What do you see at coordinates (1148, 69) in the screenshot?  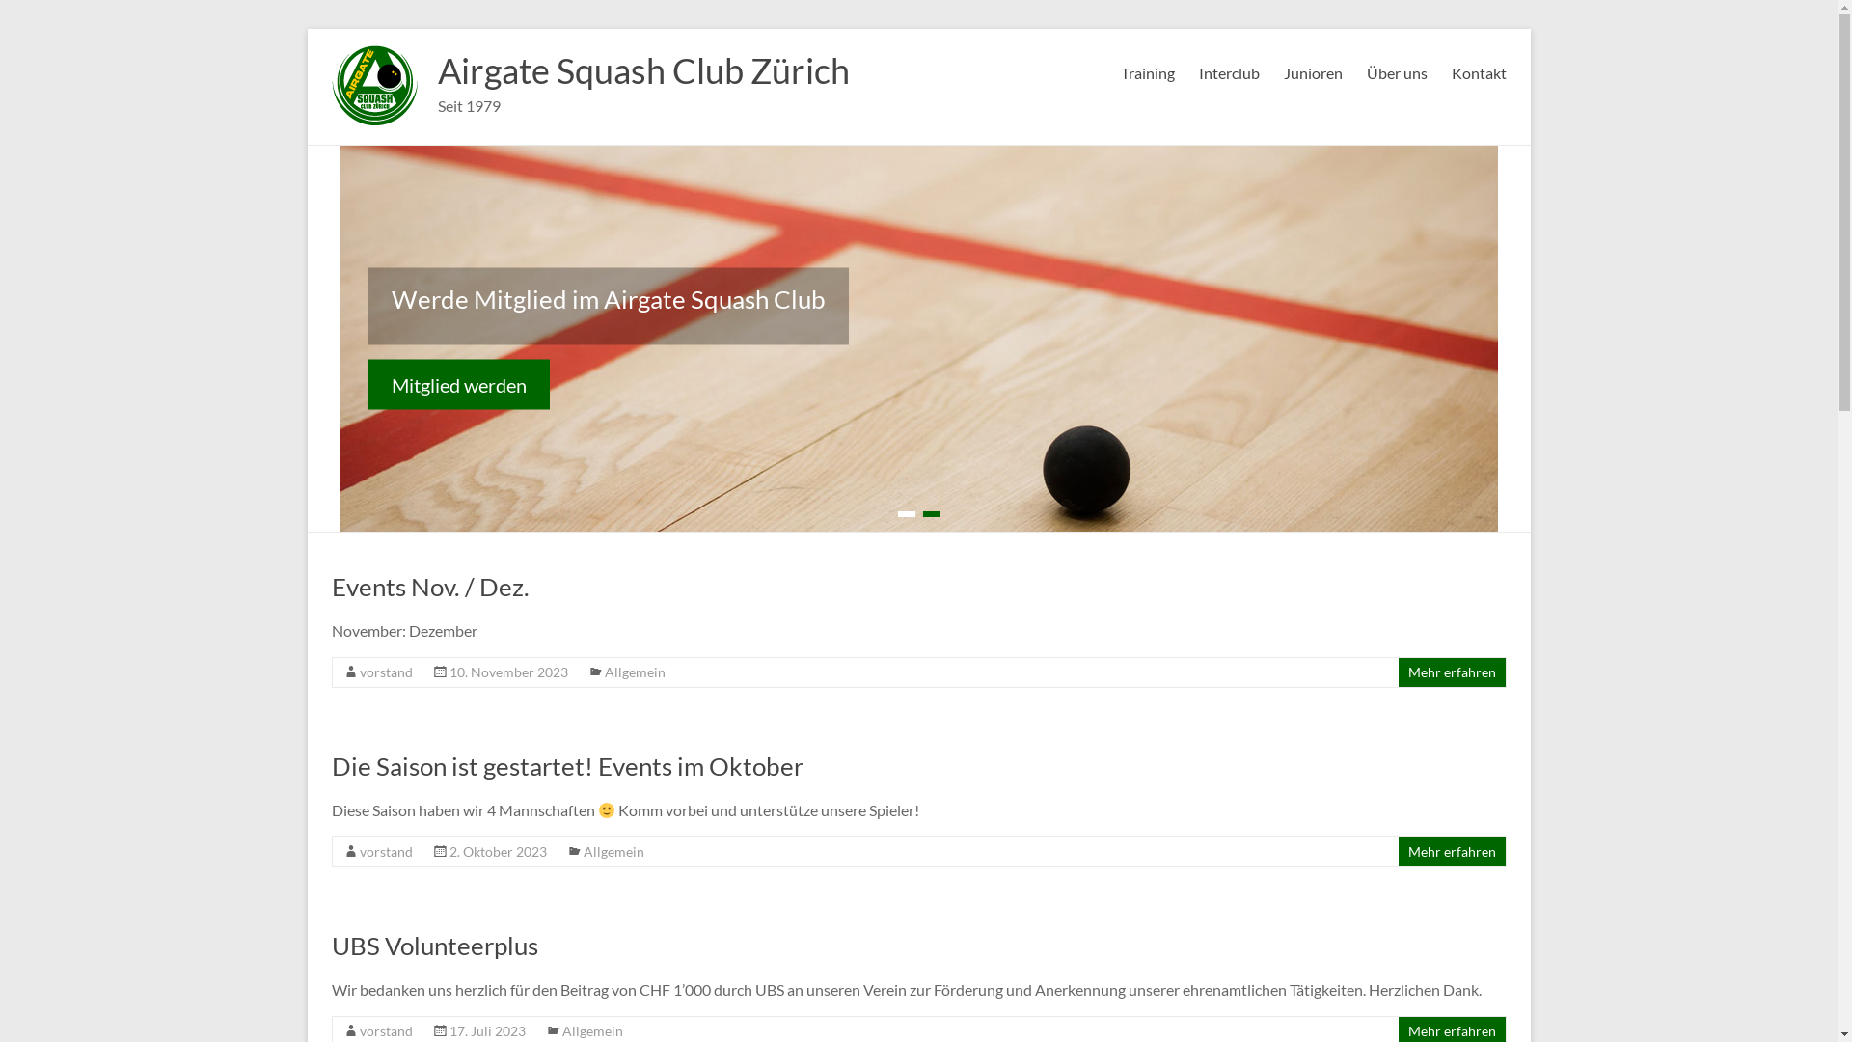 I see `'Training'` at bounding box center [1148, 69].